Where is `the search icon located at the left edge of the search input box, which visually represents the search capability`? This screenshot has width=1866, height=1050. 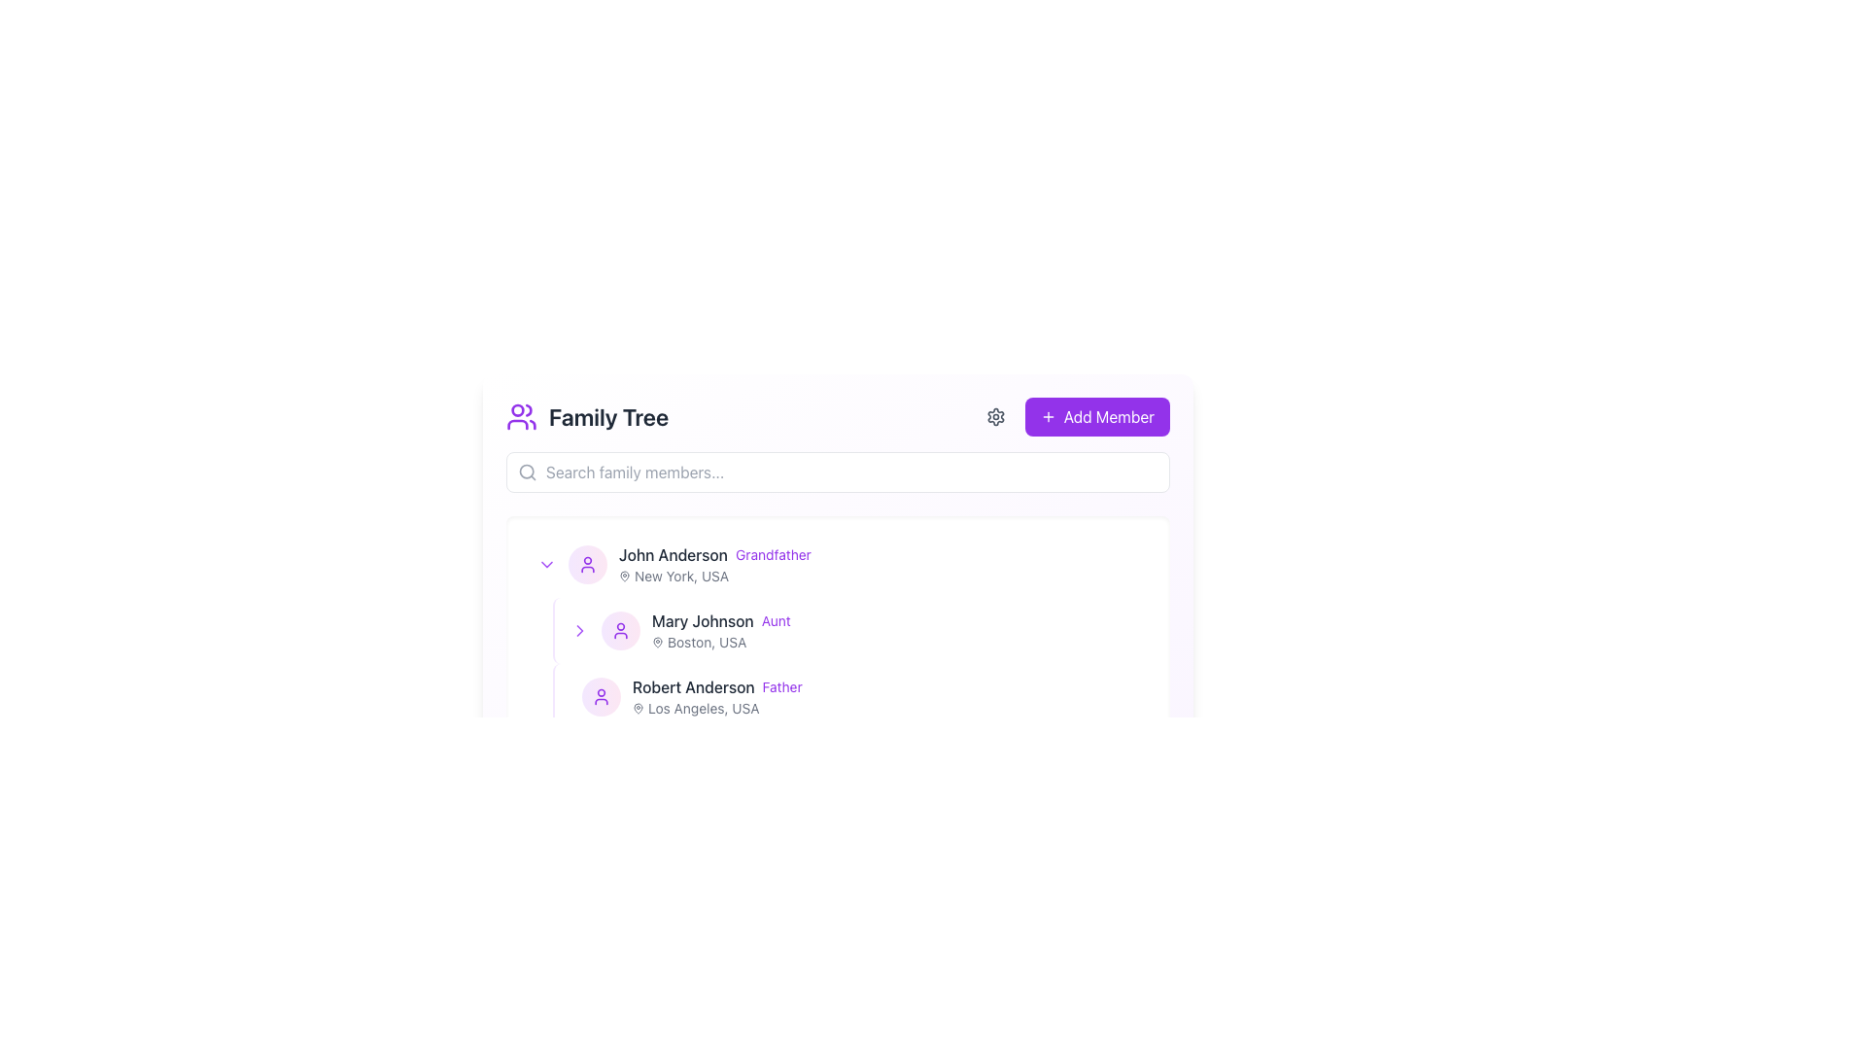
the search icon located at the left edge of the search input box, which visually represents the search capability is located at coordinates (527, 472).